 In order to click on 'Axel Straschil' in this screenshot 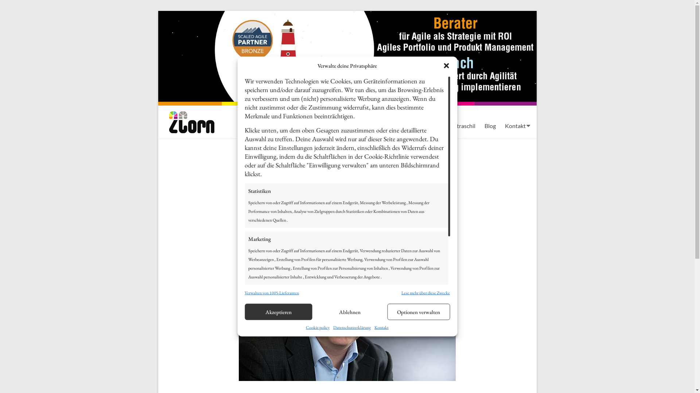, I will do `click(458, 125)`.